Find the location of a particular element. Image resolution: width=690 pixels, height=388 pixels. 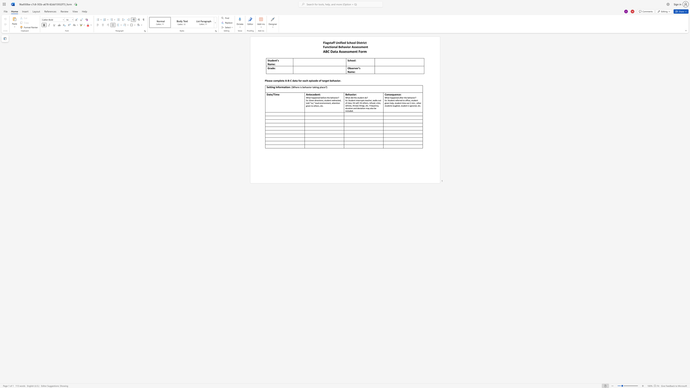

the subset text "ation m" within the text ", throws things, etc. Frequency, duration and deviation may also be included." is located at coordinates (361, 108).